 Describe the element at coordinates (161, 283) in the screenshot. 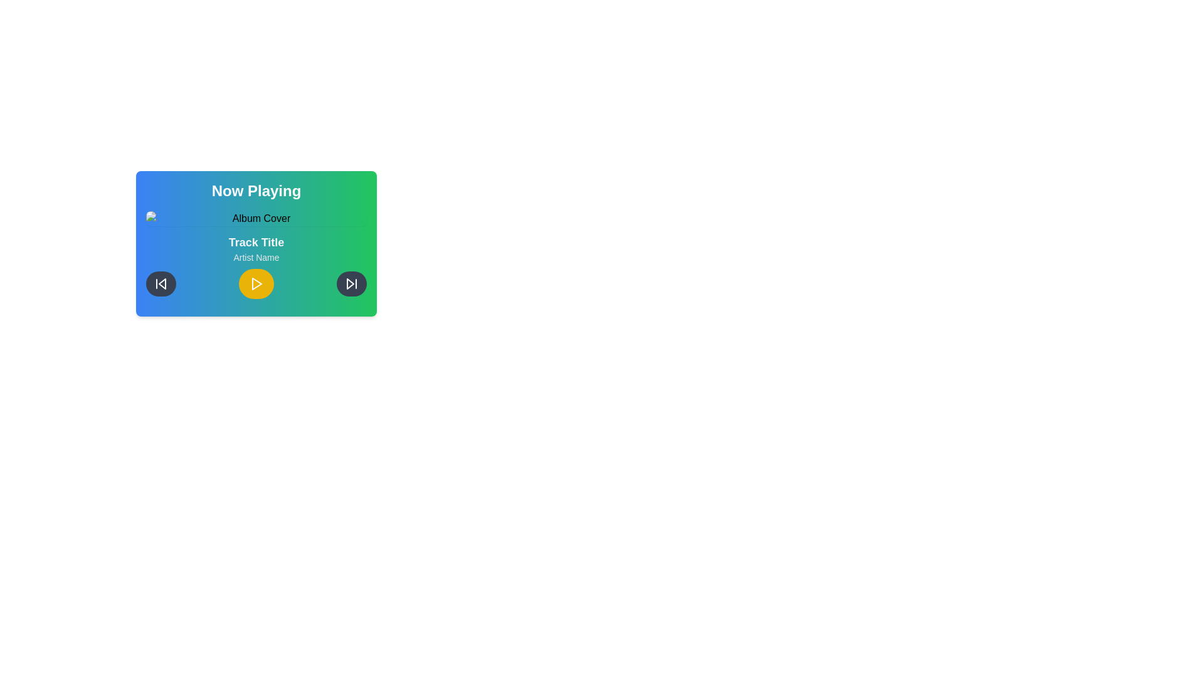

I see `the backward navigation button` at that location.